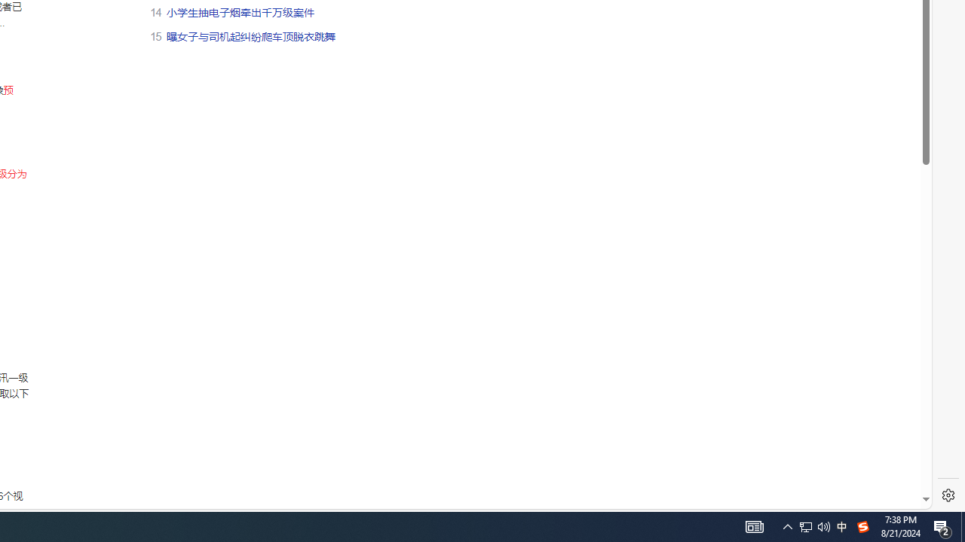  Describe the element at coordinates (948, 495) in the screenshot. I see `'Settings'` at that location.